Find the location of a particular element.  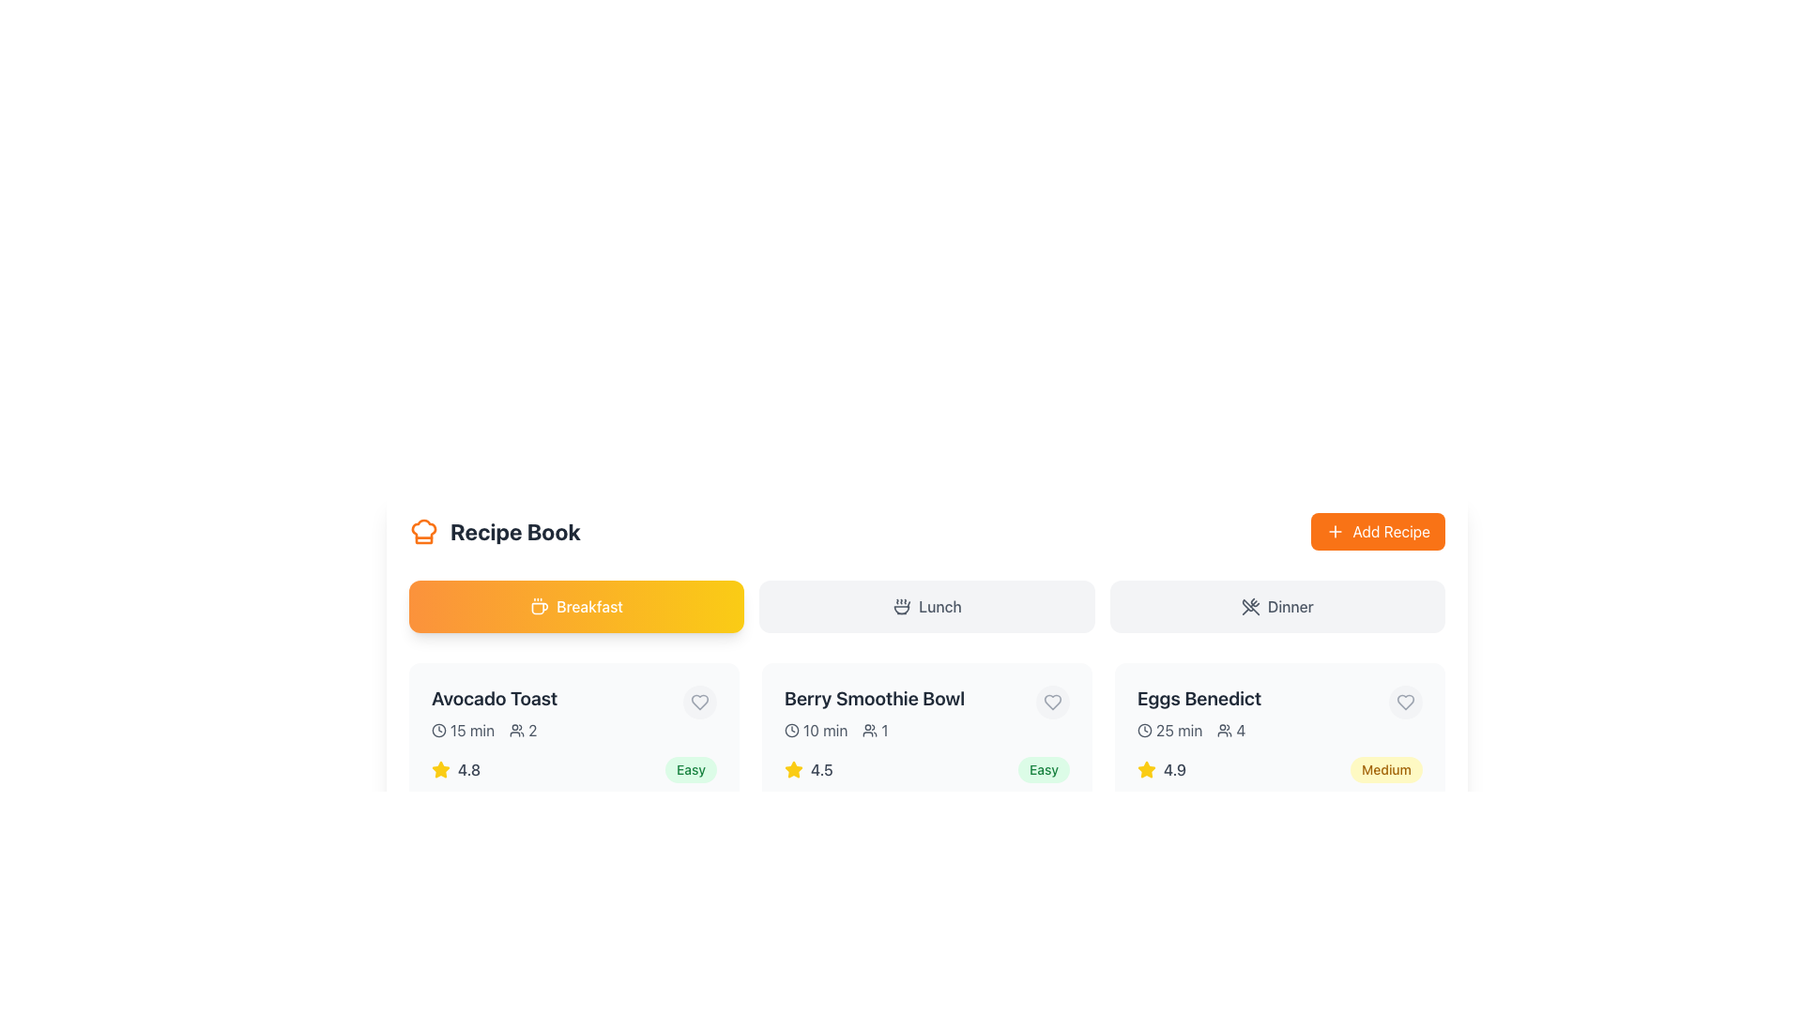

the group of people icon located in the 'Avocado Toast' section, which is represented as a stylized outline of multiple persons next to the numeric text '2' is located at coordinates (517, 730).